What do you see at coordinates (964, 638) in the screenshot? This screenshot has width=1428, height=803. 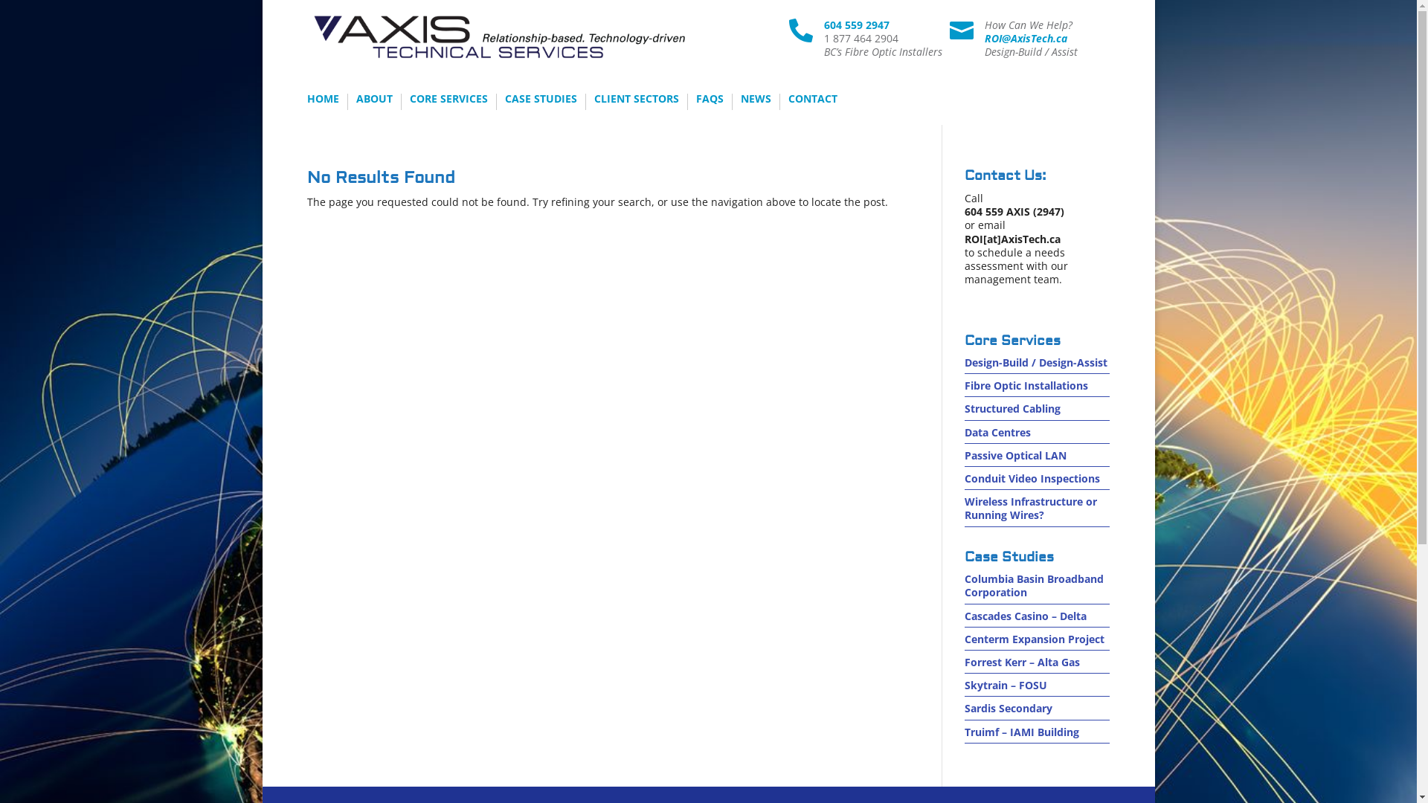 I see `'Centerm Expansion Project'` at bounding box center [964, 638].